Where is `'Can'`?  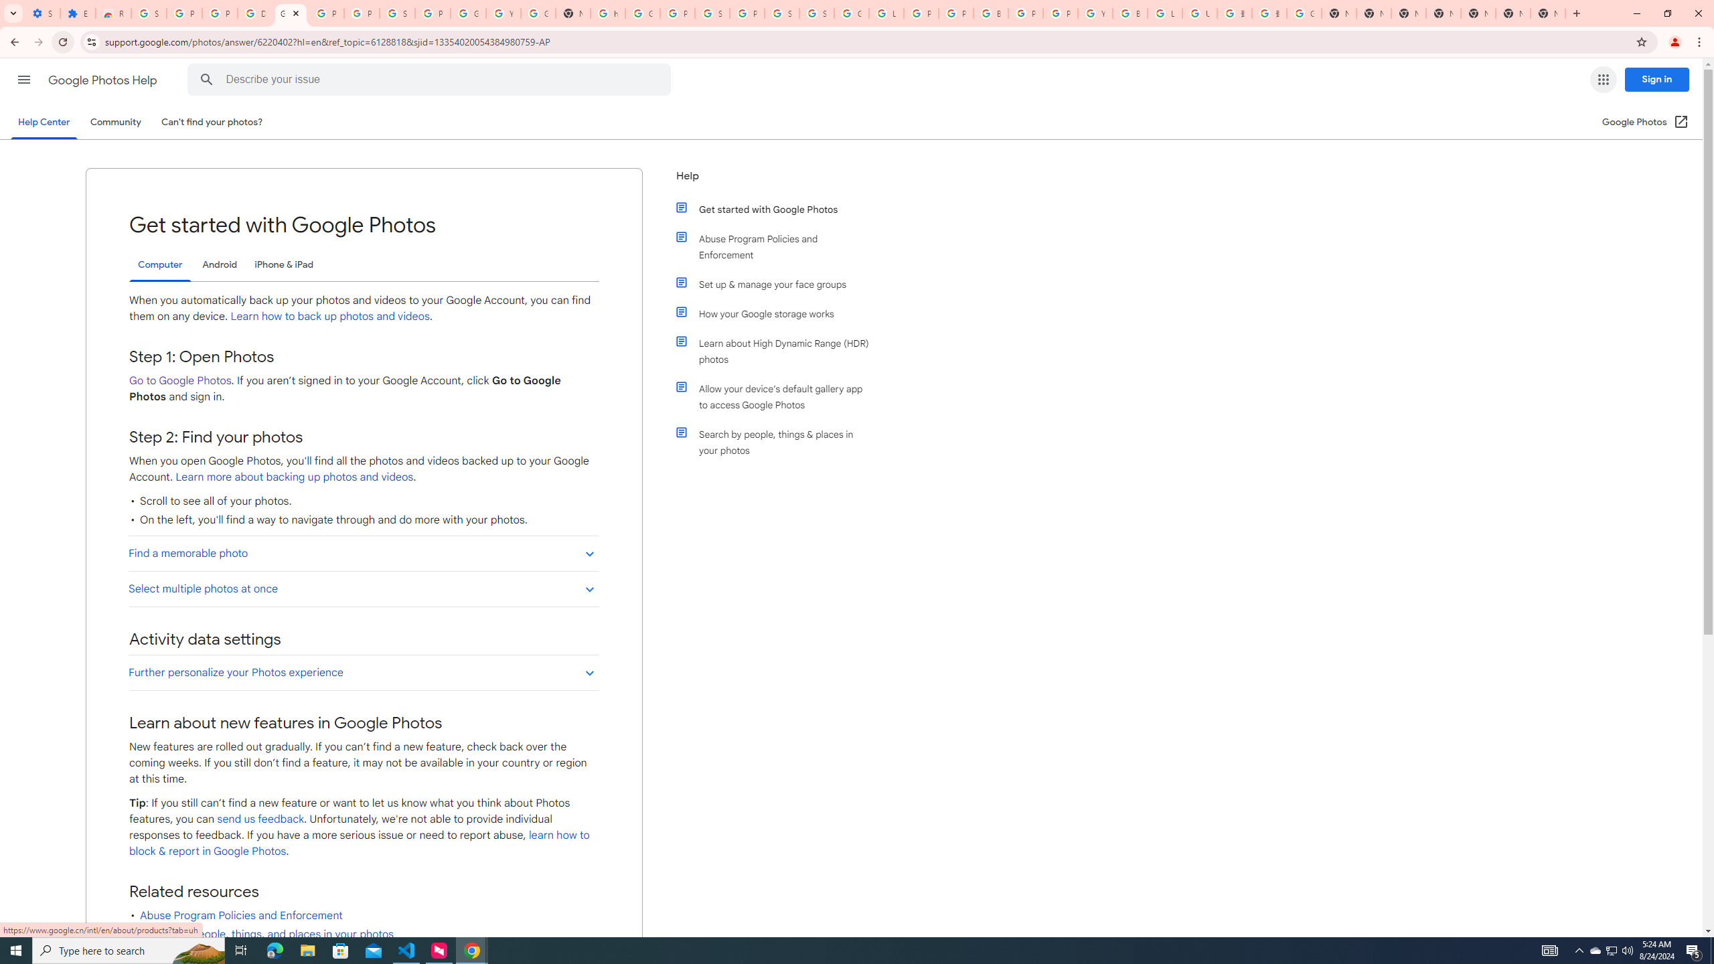
'Can' is located at coordinates (212, 121).